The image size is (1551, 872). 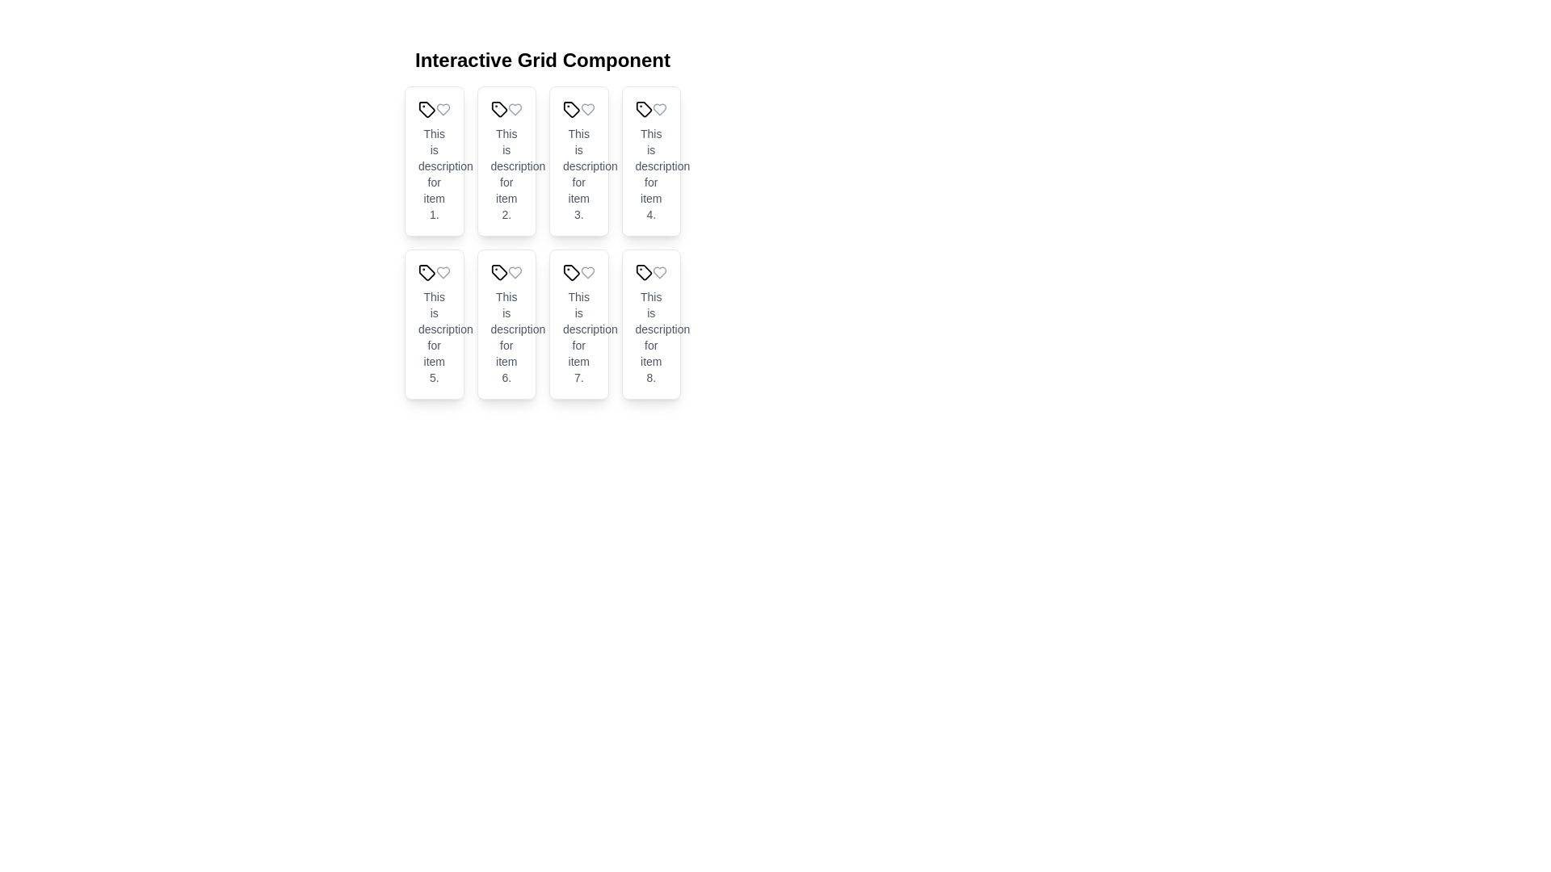 What do you see at coordinates (571, 109) in the screenshot?
I see `the small, tag-shaped icon located in the third tile of the 'Interactive Grid Component', found in the card labeled 'Tile 3'` at bounding box center [571, 109].